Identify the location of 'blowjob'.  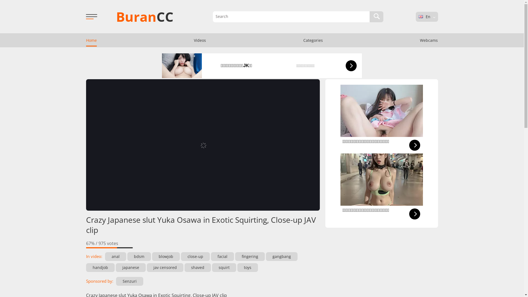
(165, 257).